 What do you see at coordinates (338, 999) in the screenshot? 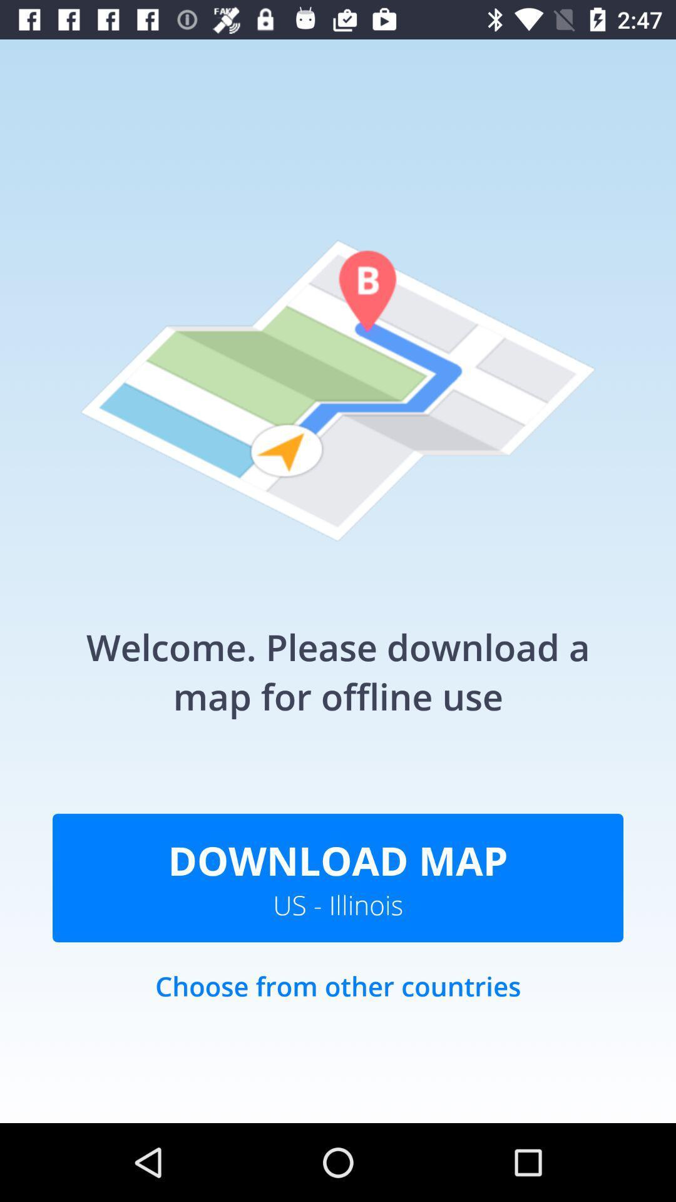
I see `item below the us - illinois item` at bounding box center [338, 999].